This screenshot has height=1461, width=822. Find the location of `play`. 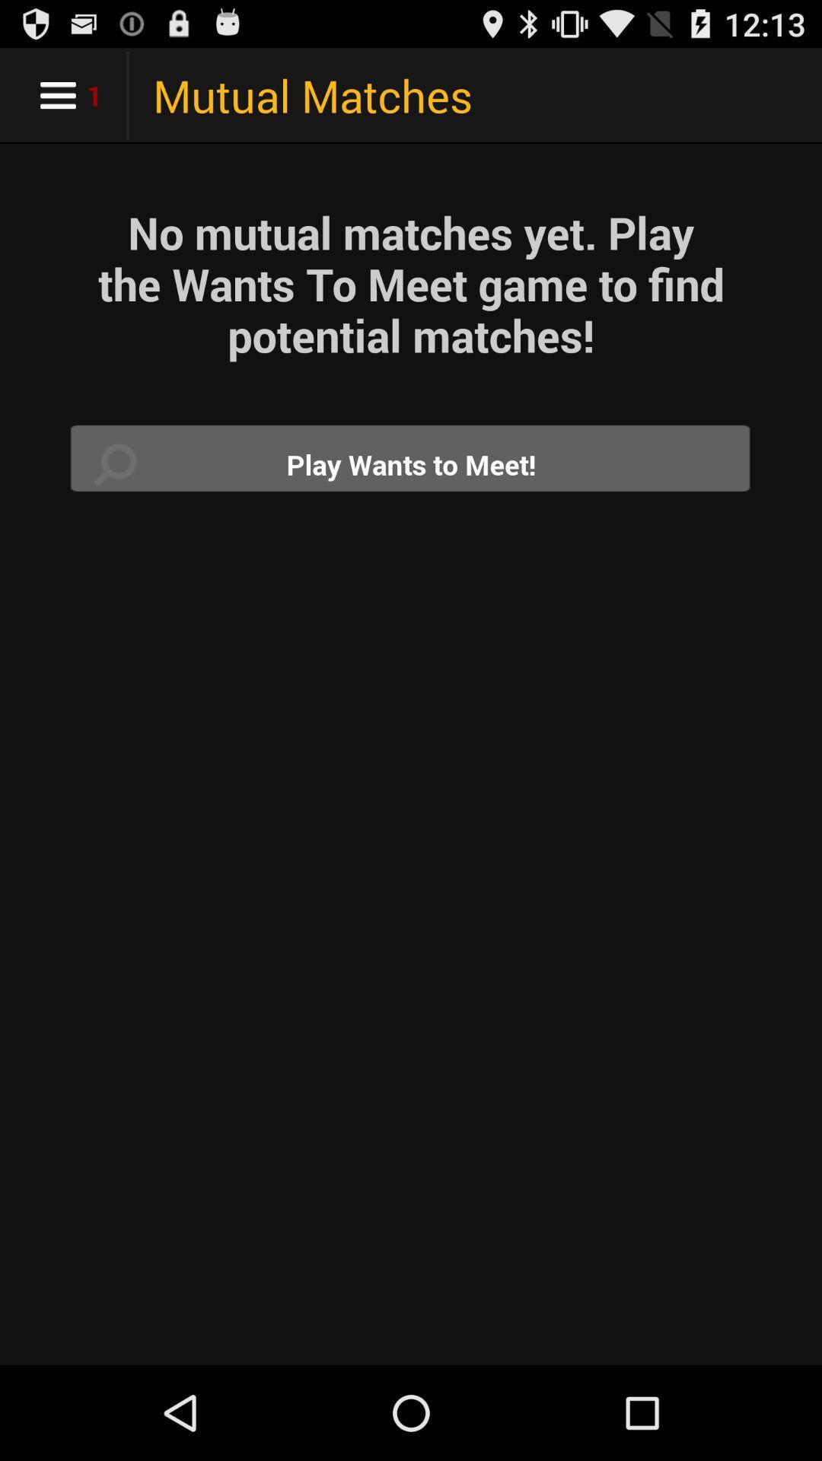

play is located at coordinates (411, 463).